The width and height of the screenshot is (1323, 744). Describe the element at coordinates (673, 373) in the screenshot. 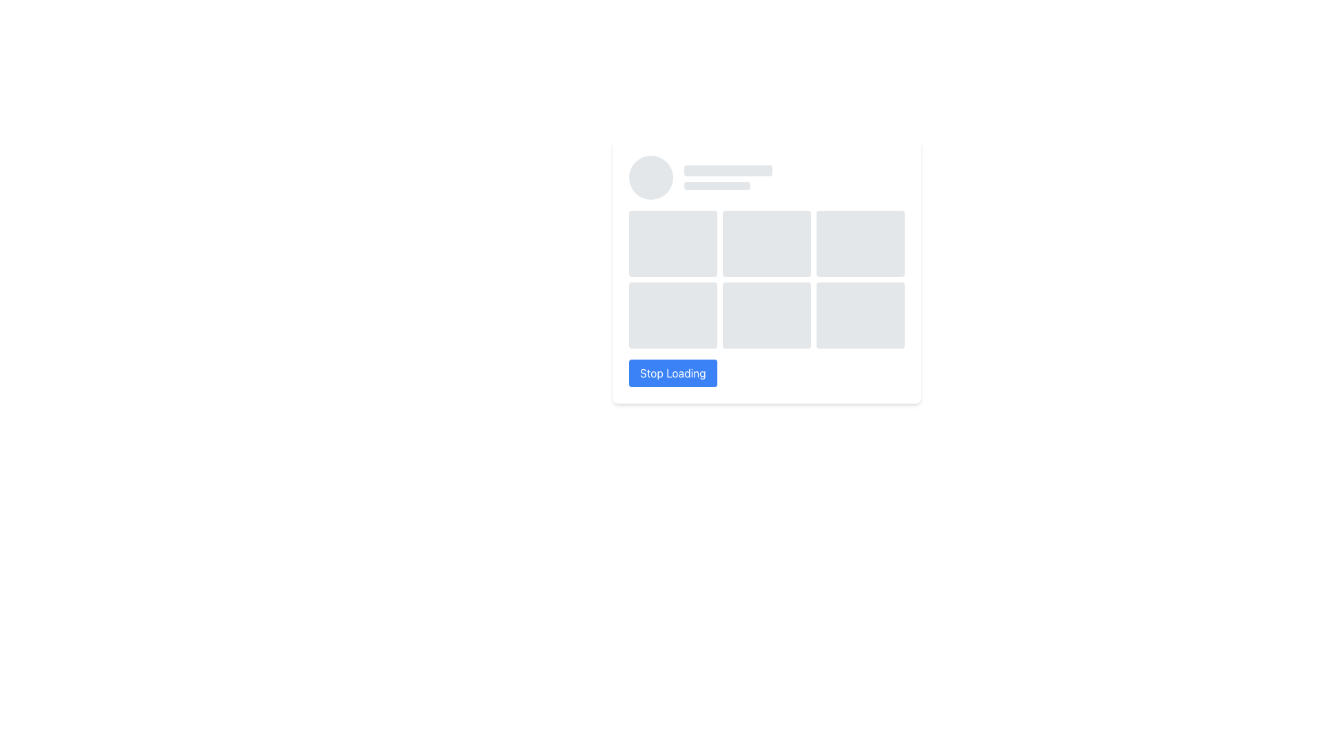

I see `the stop button located in the lower section of the module interface to halt the loading process` at that location.